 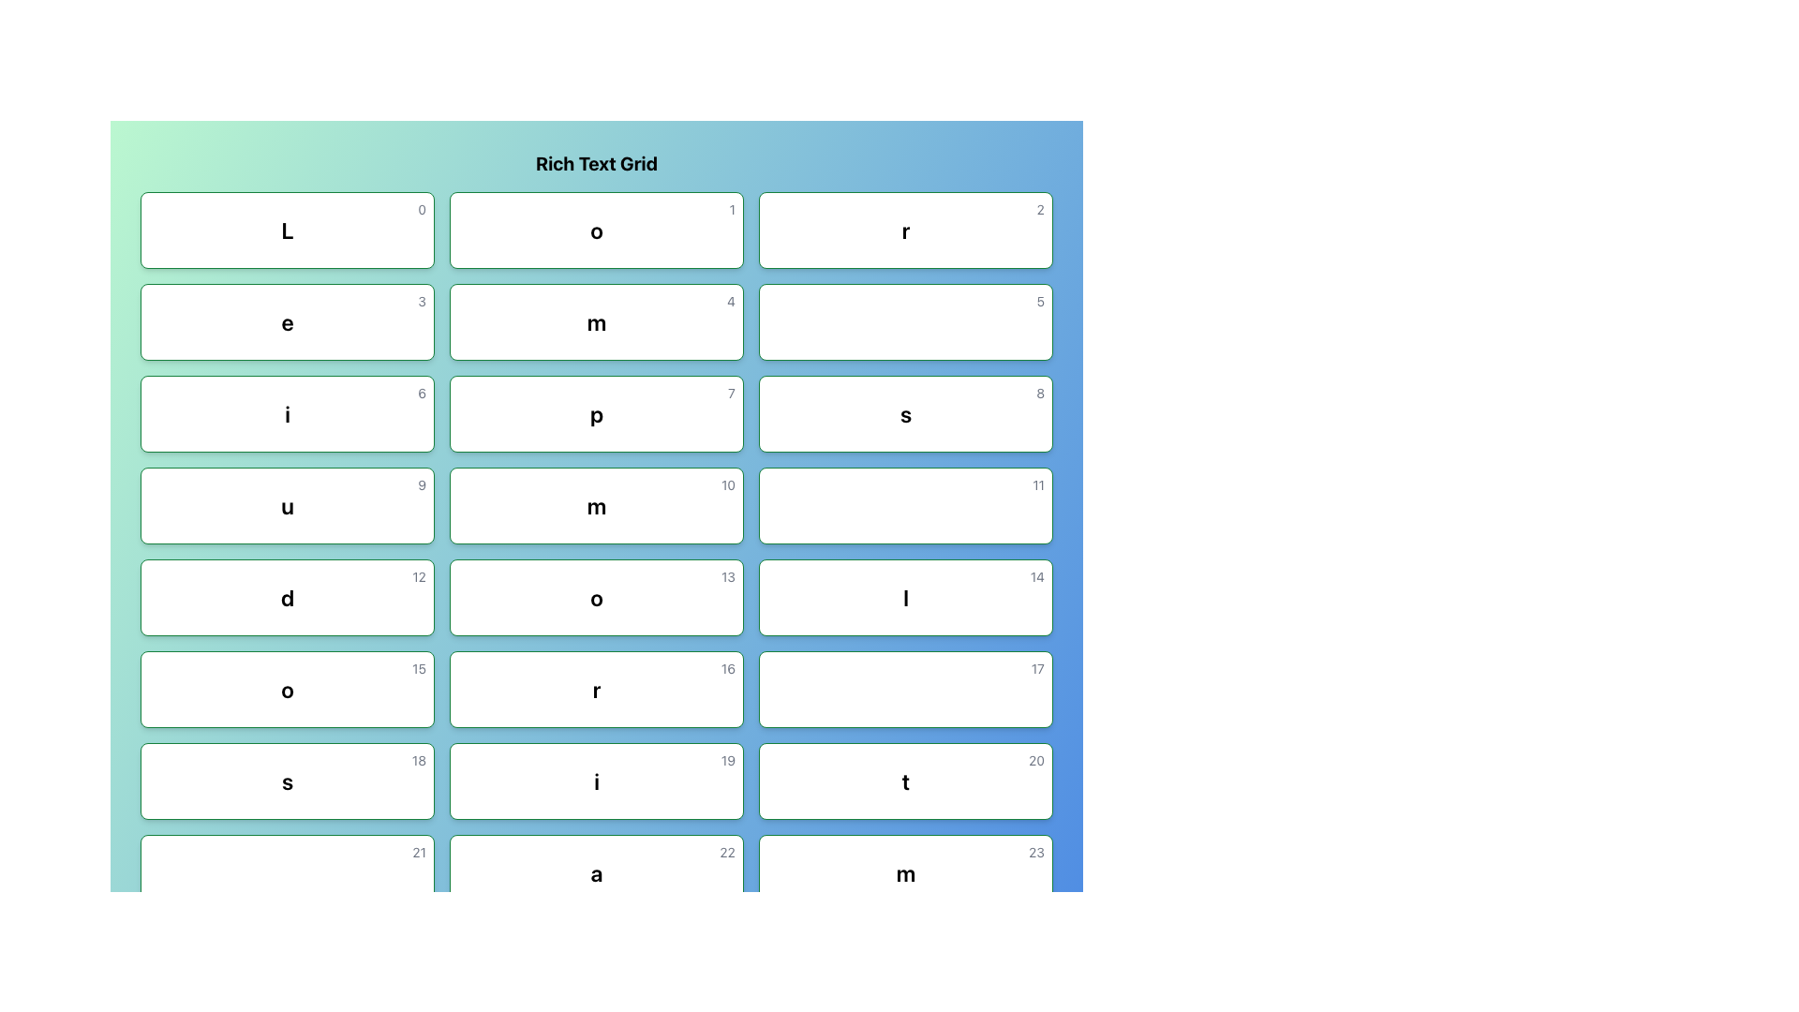 What do you see at coordinates (905, 781) in the screenshot?
I see `the labeled card located in the sixth row and last column of the grid layout, which is positioned to the right of the card displaying 'i' and above the card displaying 'm'` at bounding box center [905, 781].